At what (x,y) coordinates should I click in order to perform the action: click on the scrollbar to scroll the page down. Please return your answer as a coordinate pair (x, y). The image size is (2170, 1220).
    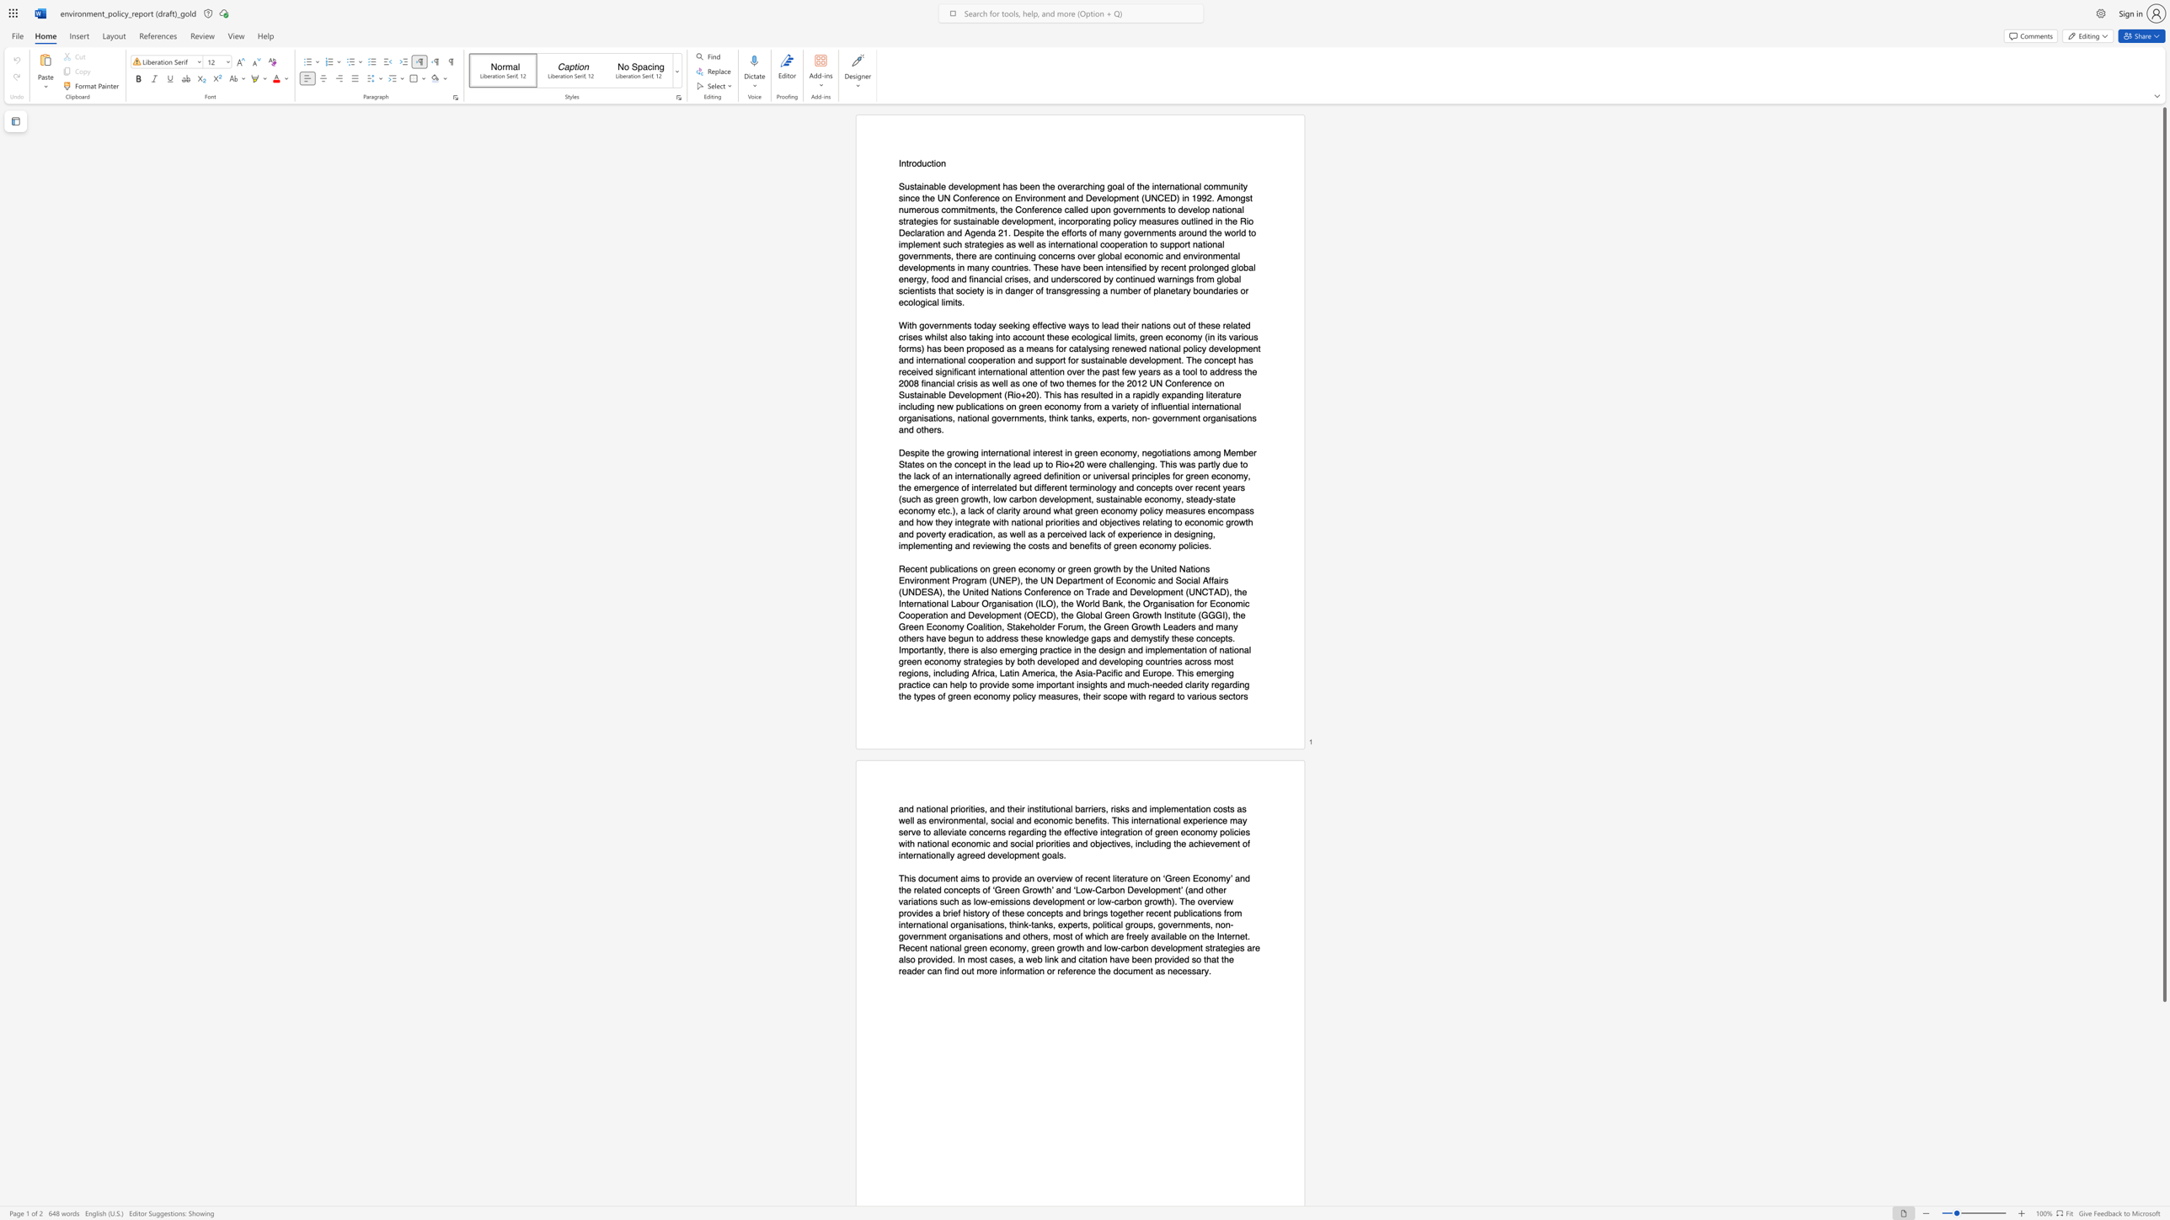
    Looking at the image, I should click on (2163, 1135).